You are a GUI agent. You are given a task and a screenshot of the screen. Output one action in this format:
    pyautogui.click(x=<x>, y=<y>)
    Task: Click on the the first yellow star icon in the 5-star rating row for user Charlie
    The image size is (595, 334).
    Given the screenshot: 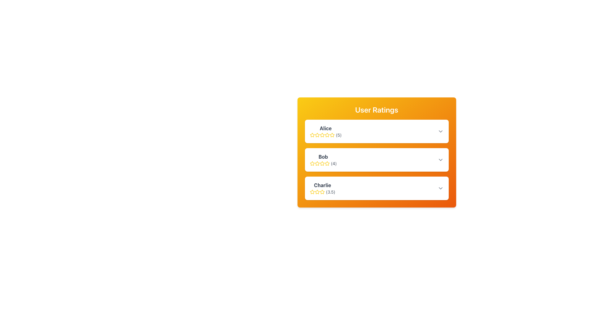 What is the action you would take?
    pyautogui.click(x=317, y=191)
    